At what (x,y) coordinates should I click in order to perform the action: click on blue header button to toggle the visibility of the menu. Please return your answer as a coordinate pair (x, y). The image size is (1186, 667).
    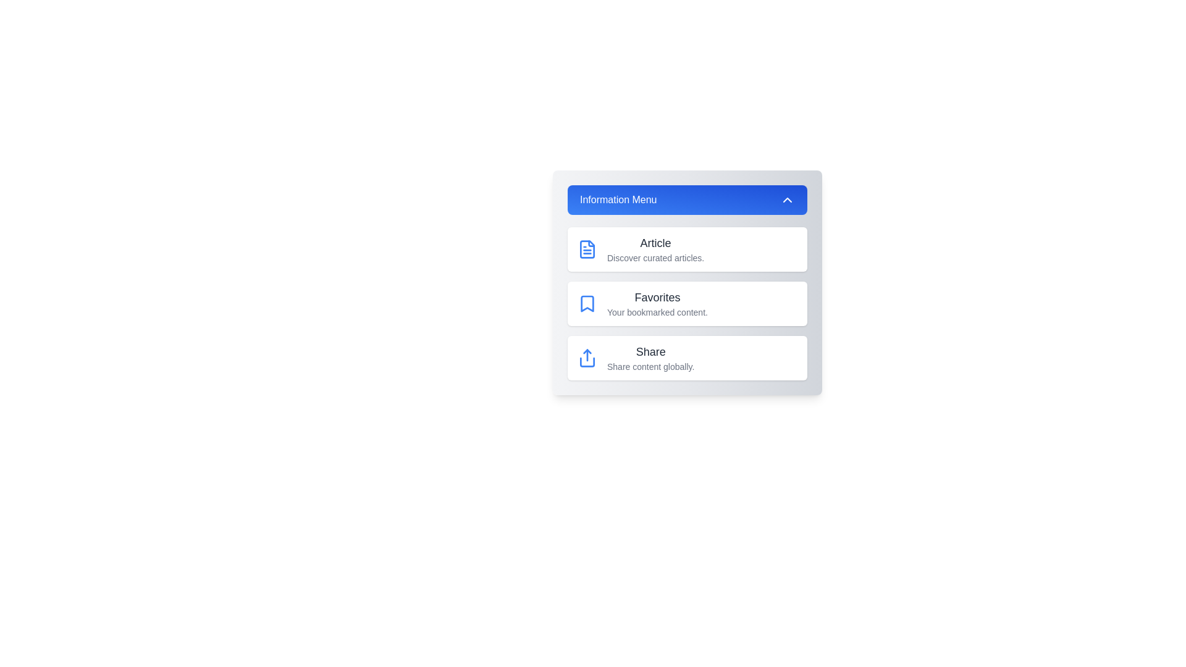
    Looking at the image, I should click on (687, 199).